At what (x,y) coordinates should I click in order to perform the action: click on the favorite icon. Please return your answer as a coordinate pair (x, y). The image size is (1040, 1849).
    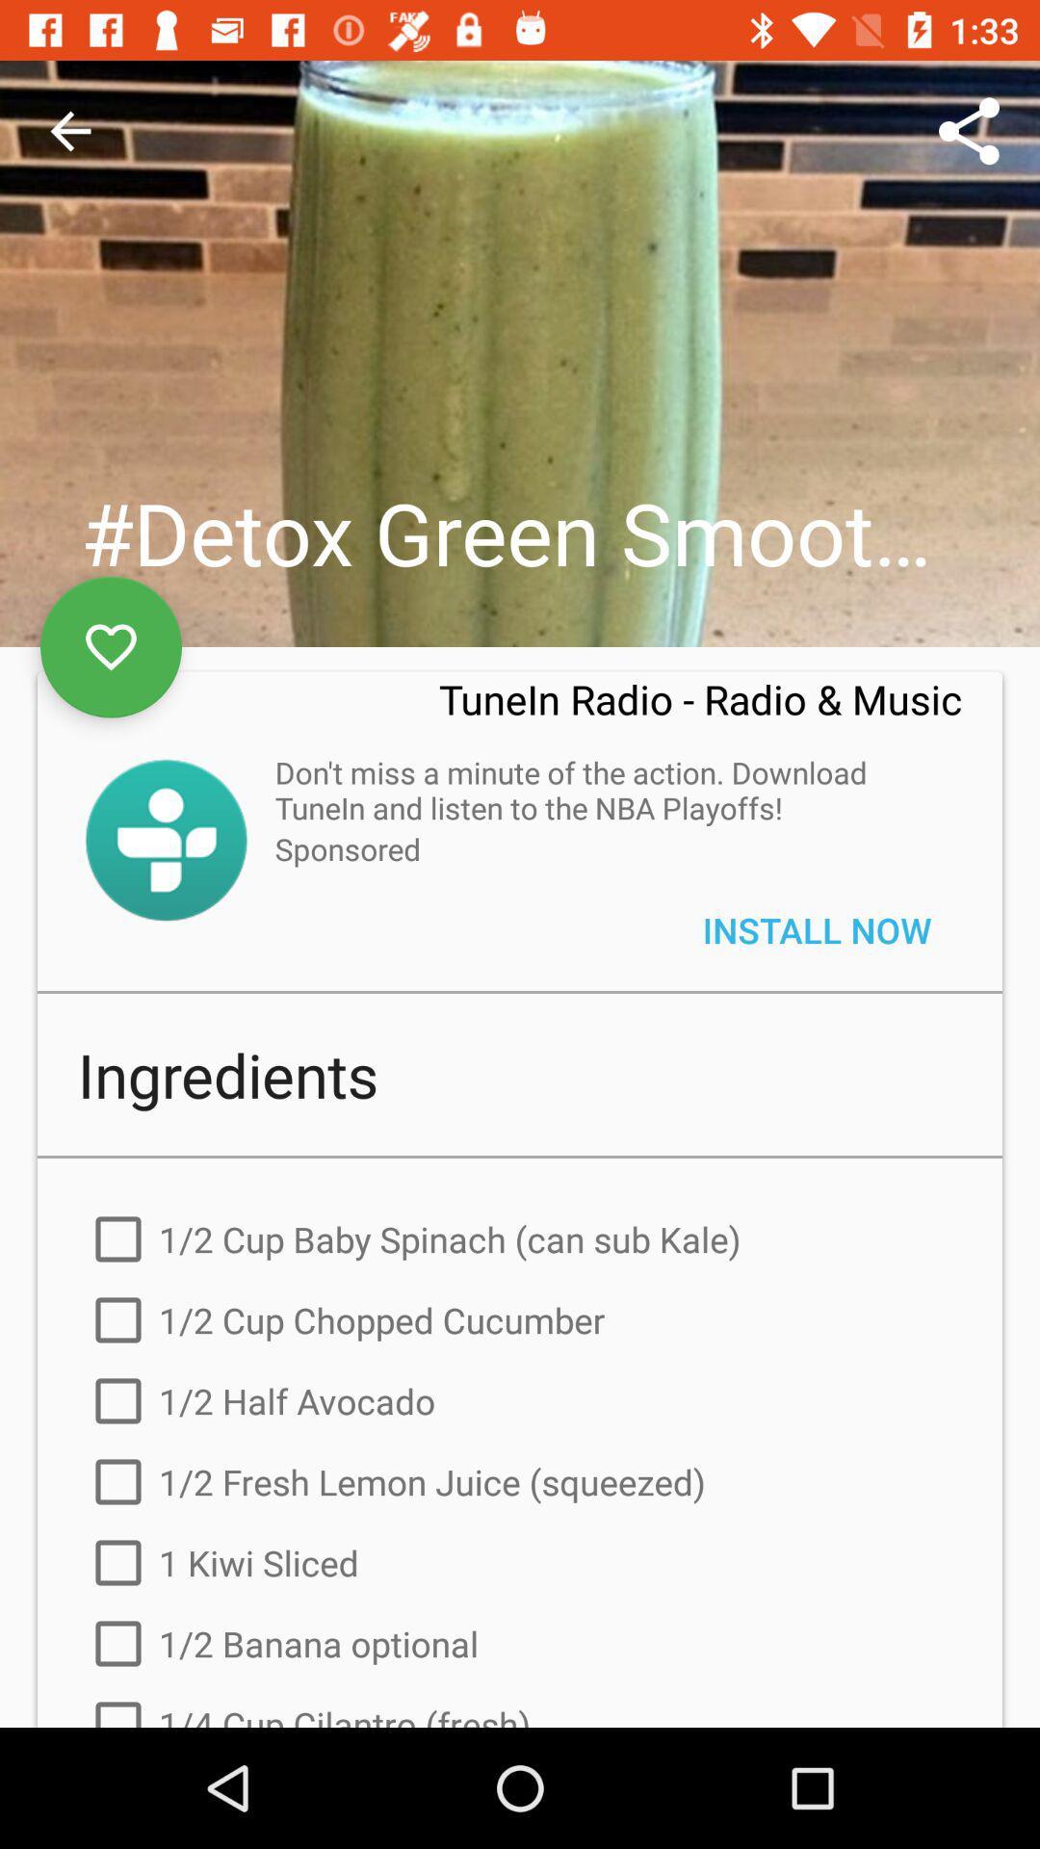
    Looking at the image, I should click on (111, 647).